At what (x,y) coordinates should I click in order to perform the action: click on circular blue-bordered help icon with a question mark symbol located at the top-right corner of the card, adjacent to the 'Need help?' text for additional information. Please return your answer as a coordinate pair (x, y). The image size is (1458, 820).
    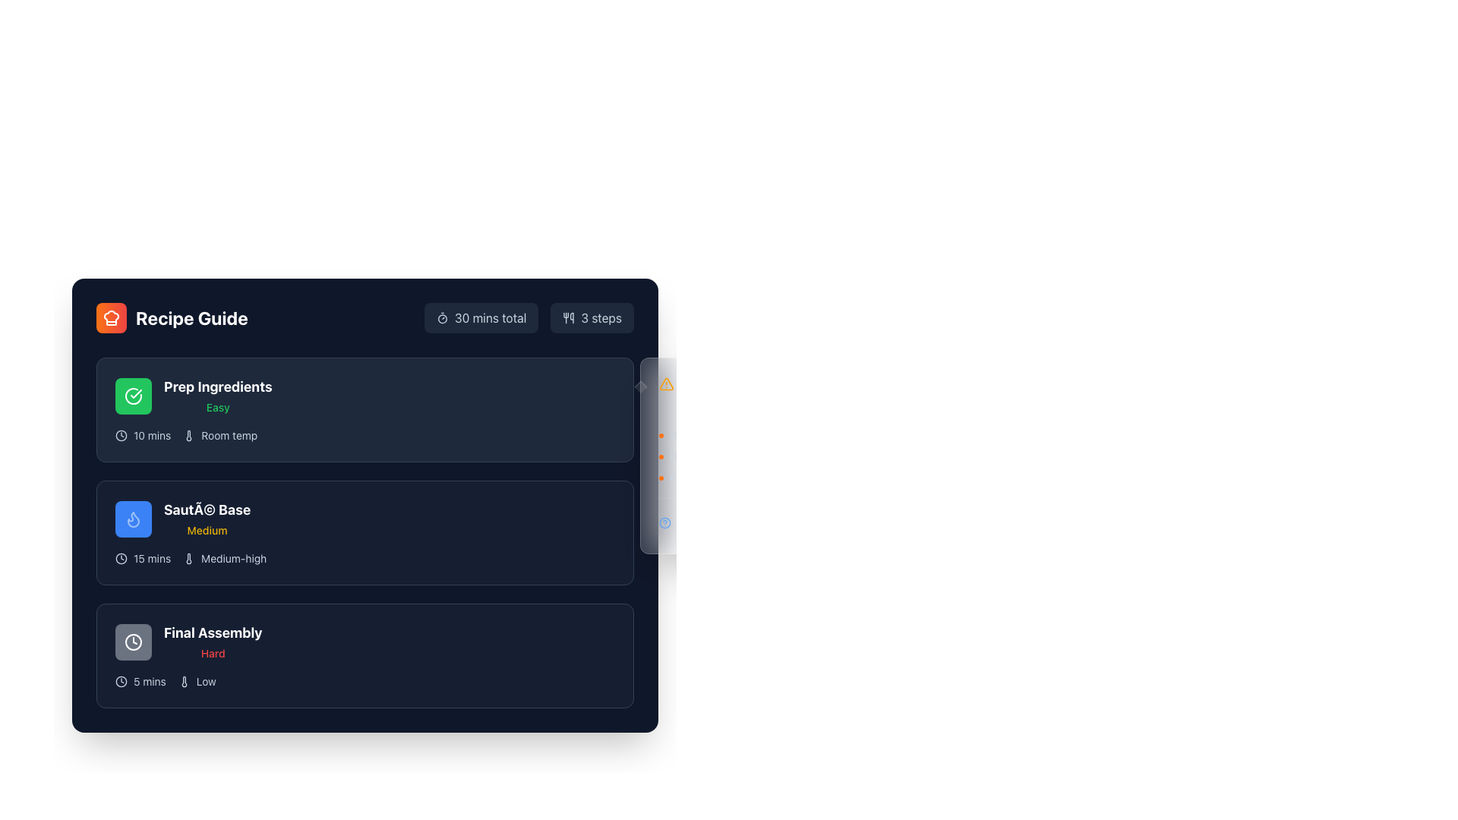
    Looking at the image, I should click on (664, 522).